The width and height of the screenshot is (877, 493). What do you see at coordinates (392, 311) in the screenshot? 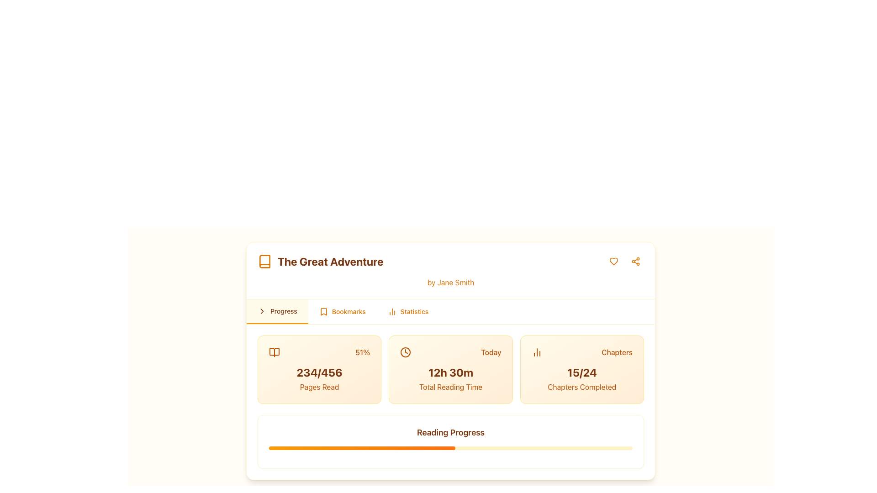
I see `the icon representing statistical features located in the 'Statistics' tab section, positioned near the left side of the tab's textual label` at bounding box center [392, 311].